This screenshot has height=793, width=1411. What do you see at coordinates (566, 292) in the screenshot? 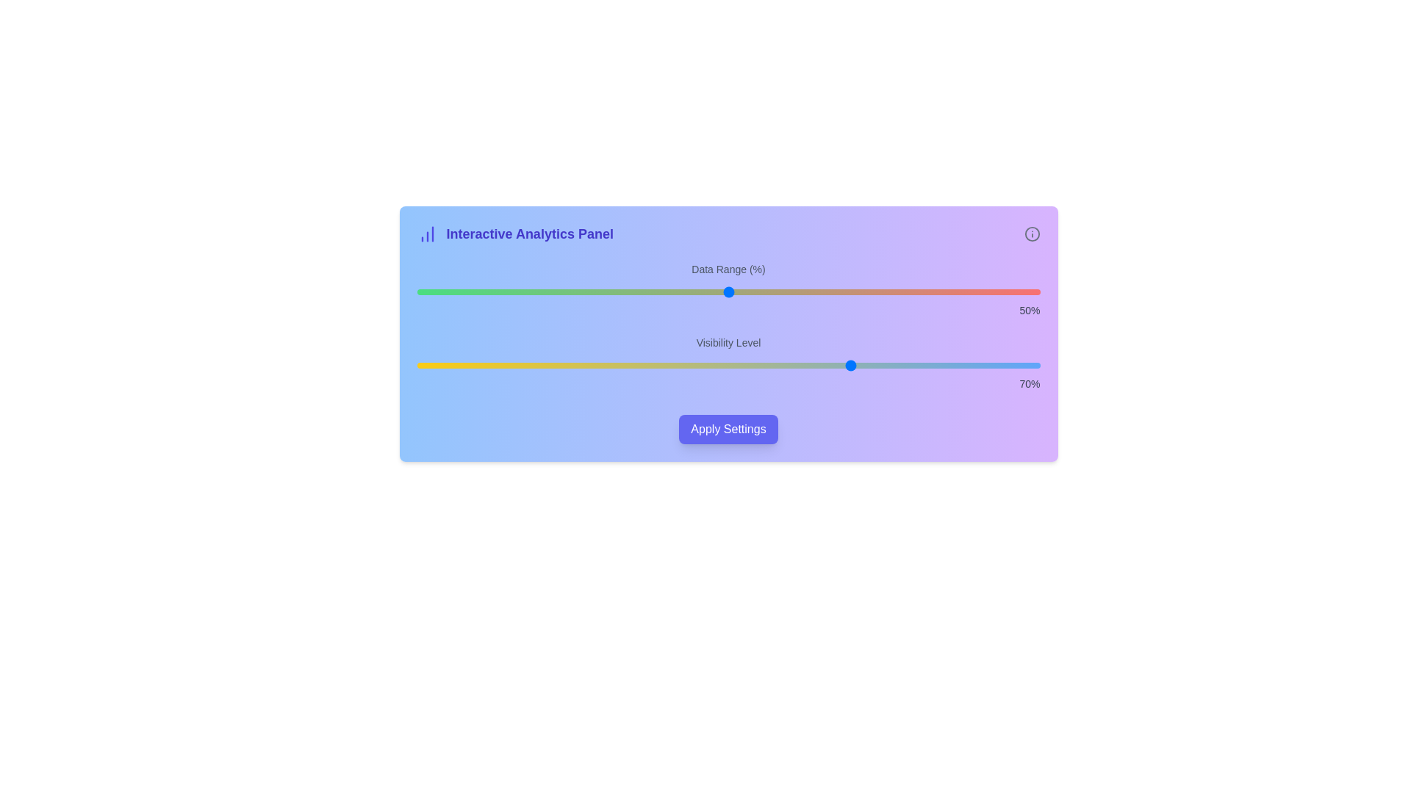
I see `the 'Data Range (%)' slider to 24% value` at bounding box center [566, 292].